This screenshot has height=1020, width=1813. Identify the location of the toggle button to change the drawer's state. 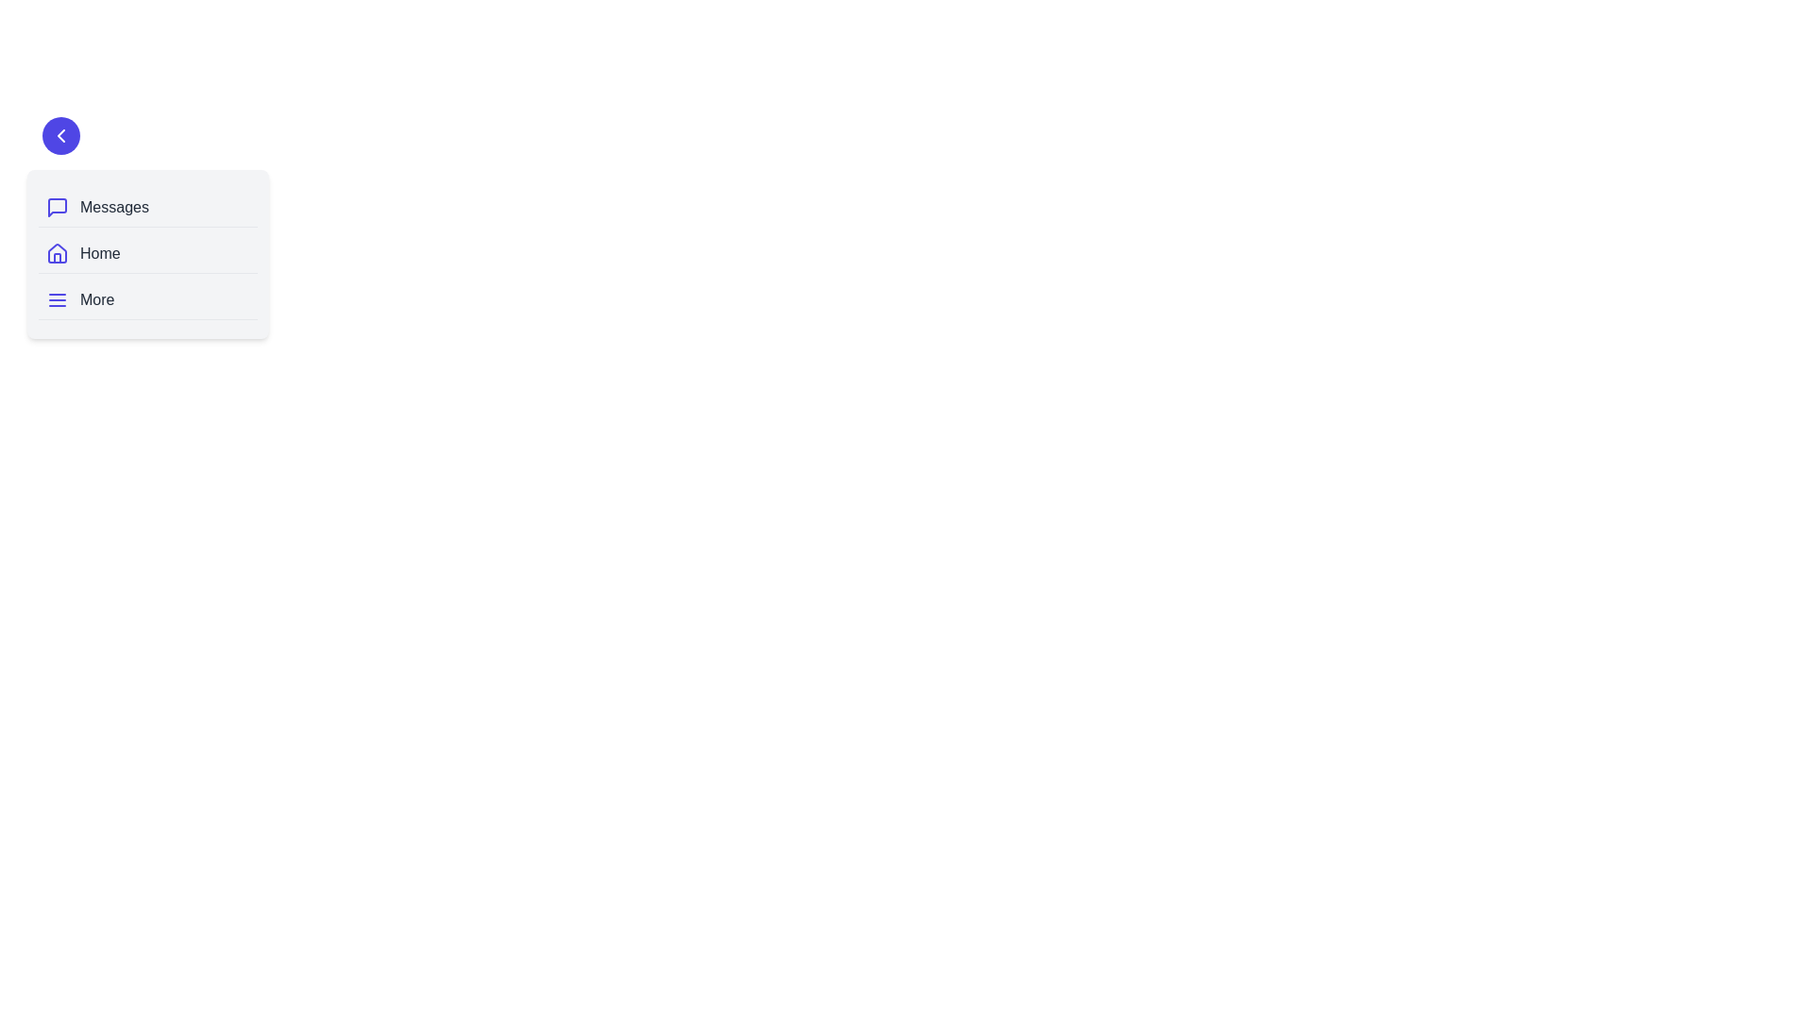
(61, 134).